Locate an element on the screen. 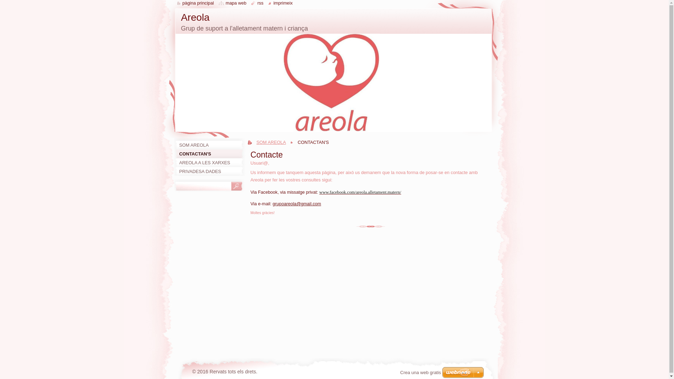  'www.facebook.com/areola.alletament.matern/' is located at coordinates (360, 192).